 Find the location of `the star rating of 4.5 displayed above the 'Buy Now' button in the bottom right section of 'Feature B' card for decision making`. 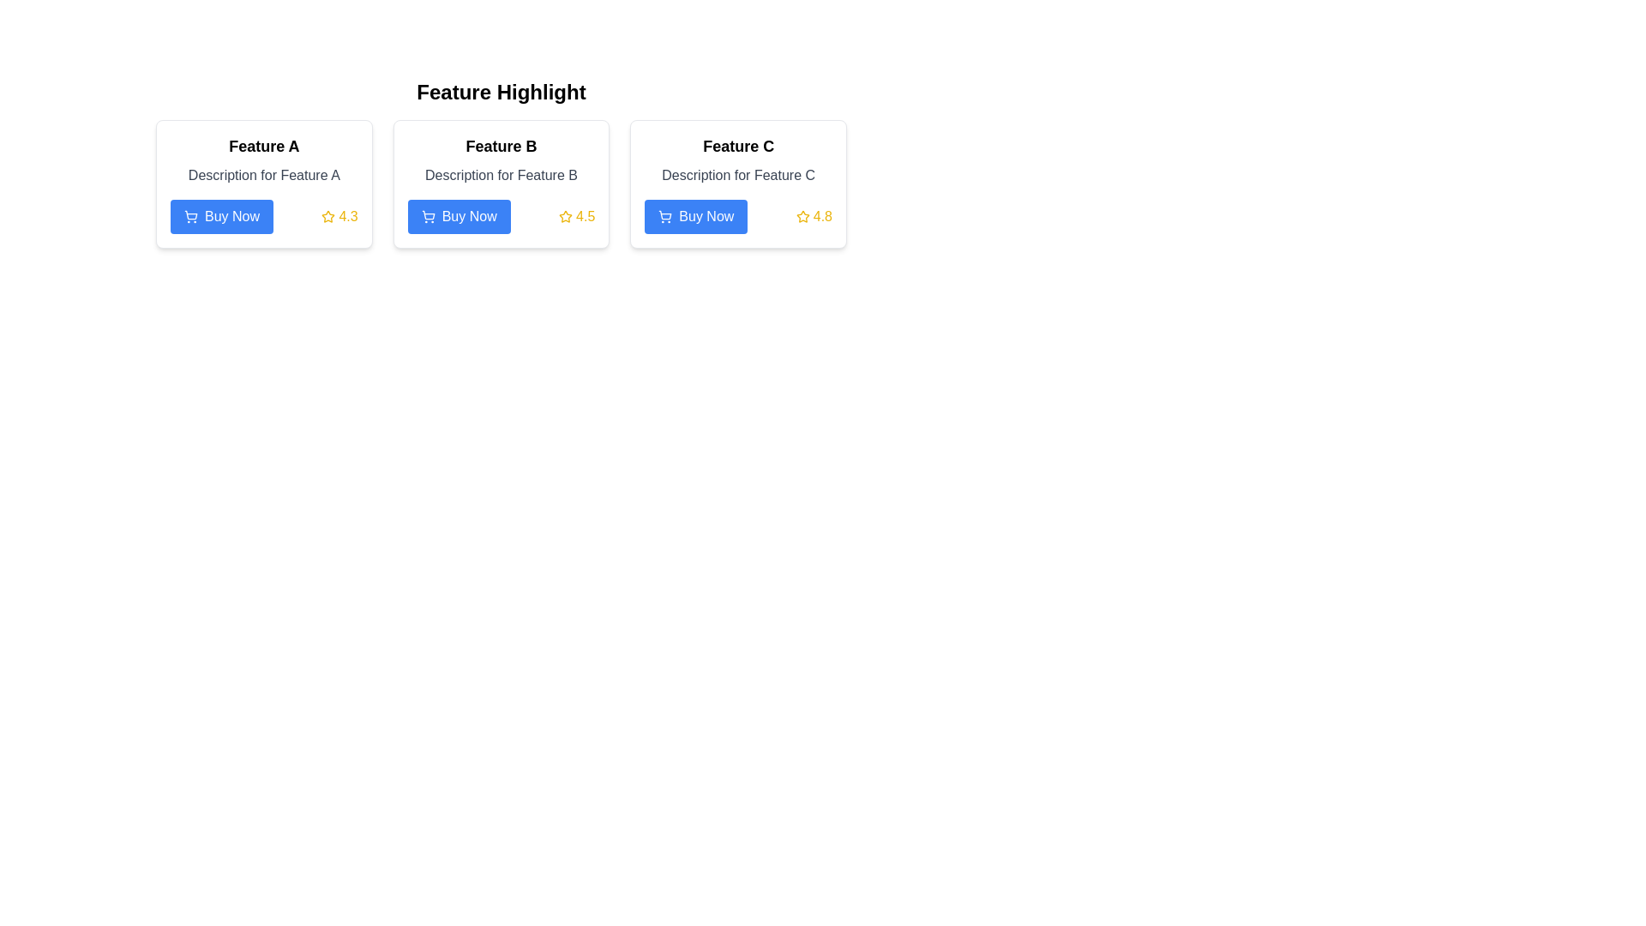

the star rating of 4.5 displayed above the 'Buy Now' button in the bottom right section of 'Feature B' card for decision making is located at coordinates (501, 216).